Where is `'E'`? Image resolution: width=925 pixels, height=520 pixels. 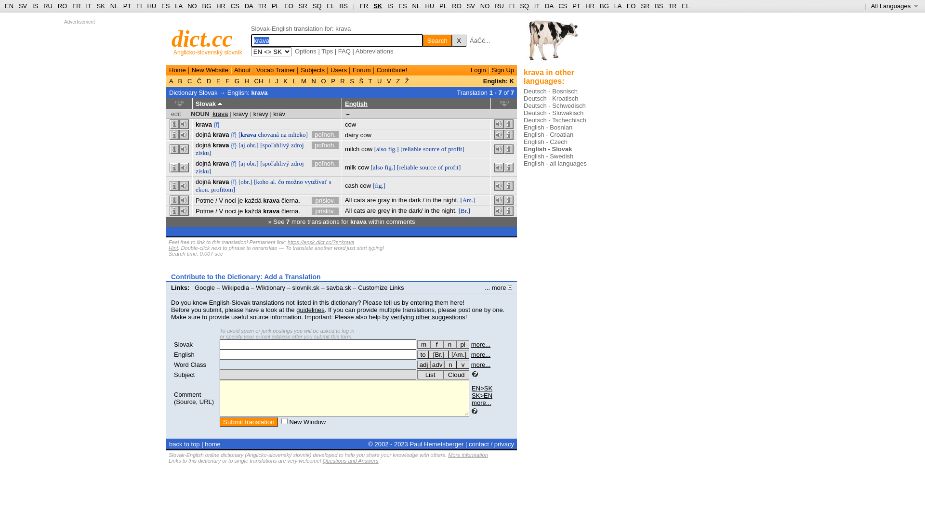
'E' is located at coordinates (217, 80).